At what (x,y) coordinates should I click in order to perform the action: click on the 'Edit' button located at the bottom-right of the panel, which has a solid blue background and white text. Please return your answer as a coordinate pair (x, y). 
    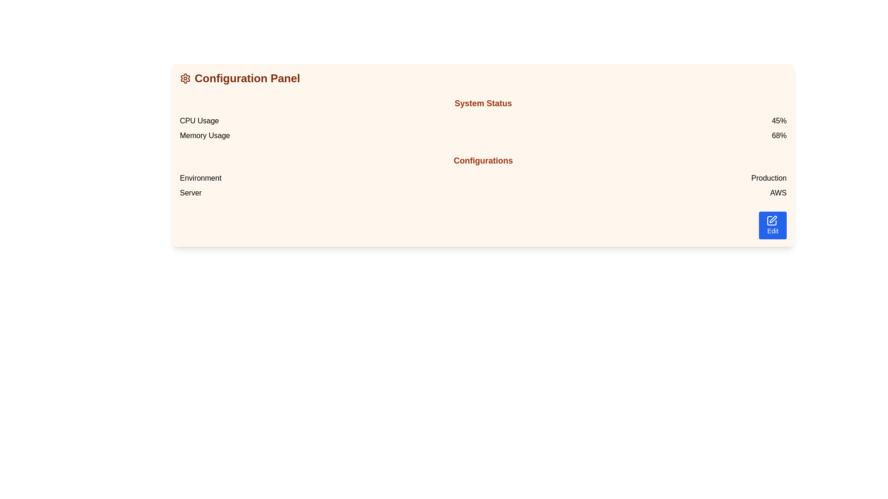
    Looking at the image, I should click on (772, 225).